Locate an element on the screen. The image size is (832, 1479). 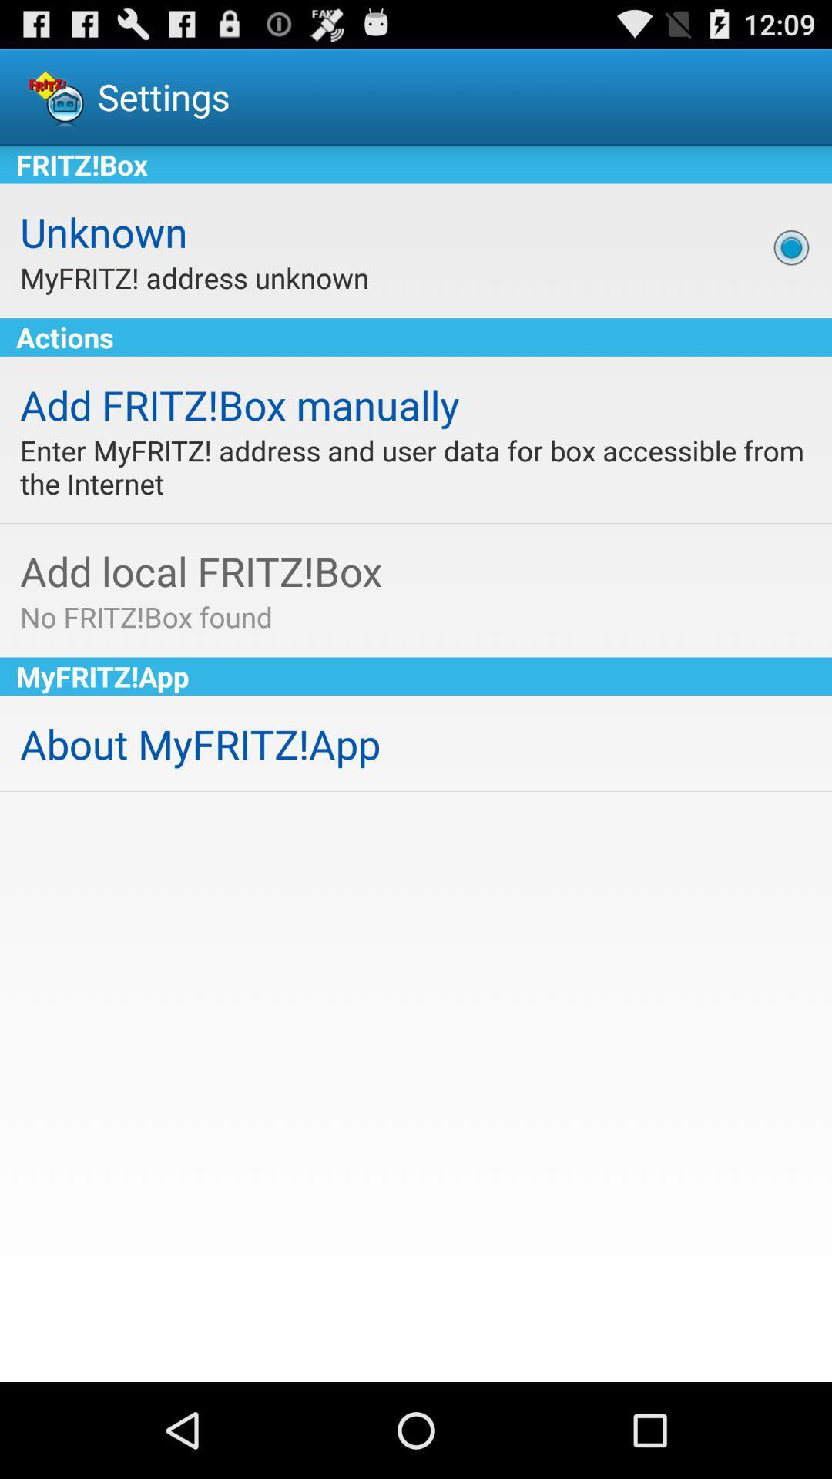
the item at the top right corner is located at coordinates (791, 247).